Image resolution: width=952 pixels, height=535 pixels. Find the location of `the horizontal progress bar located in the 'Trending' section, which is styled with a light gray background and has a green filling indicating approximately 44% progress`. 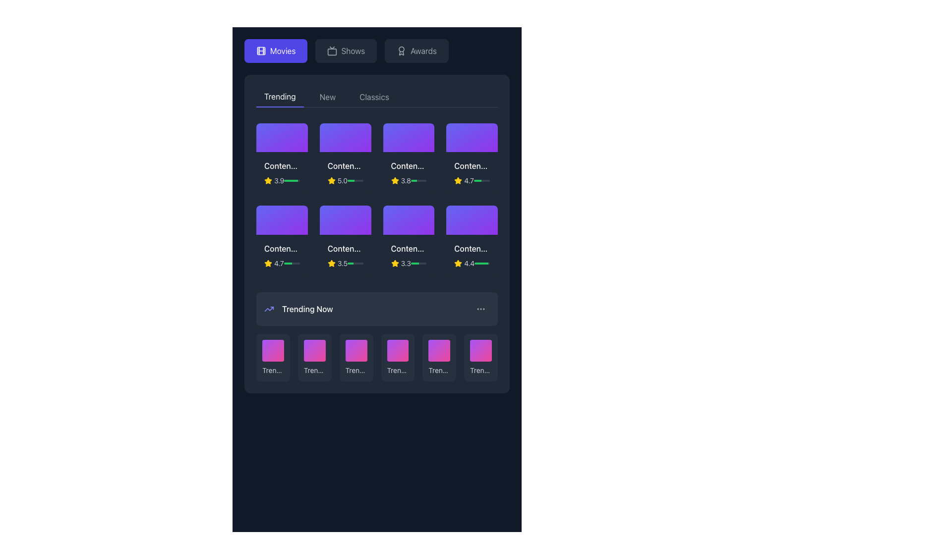

the horizontal progress bar located in the 'Trending' section, which is styled with a light gray background and has a green filling indicating approximately 44% progress is located at coordinates (355, 181).